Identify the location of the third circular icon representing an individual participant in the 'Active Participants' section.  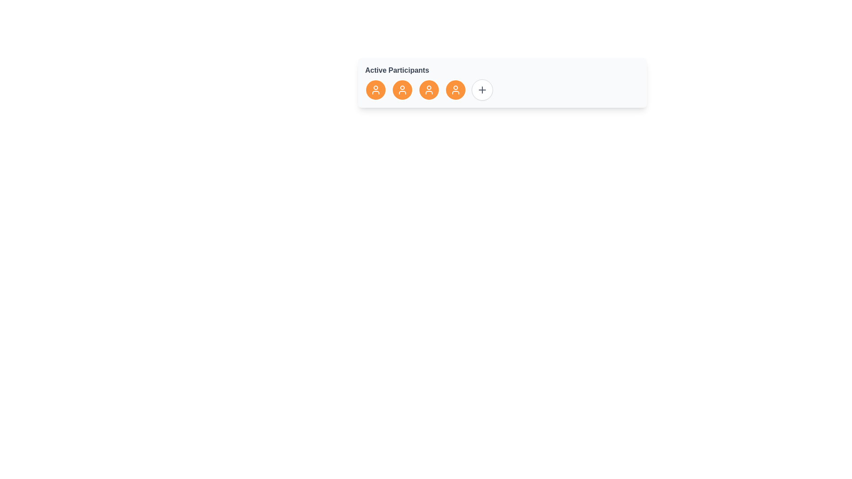
(429, 90).